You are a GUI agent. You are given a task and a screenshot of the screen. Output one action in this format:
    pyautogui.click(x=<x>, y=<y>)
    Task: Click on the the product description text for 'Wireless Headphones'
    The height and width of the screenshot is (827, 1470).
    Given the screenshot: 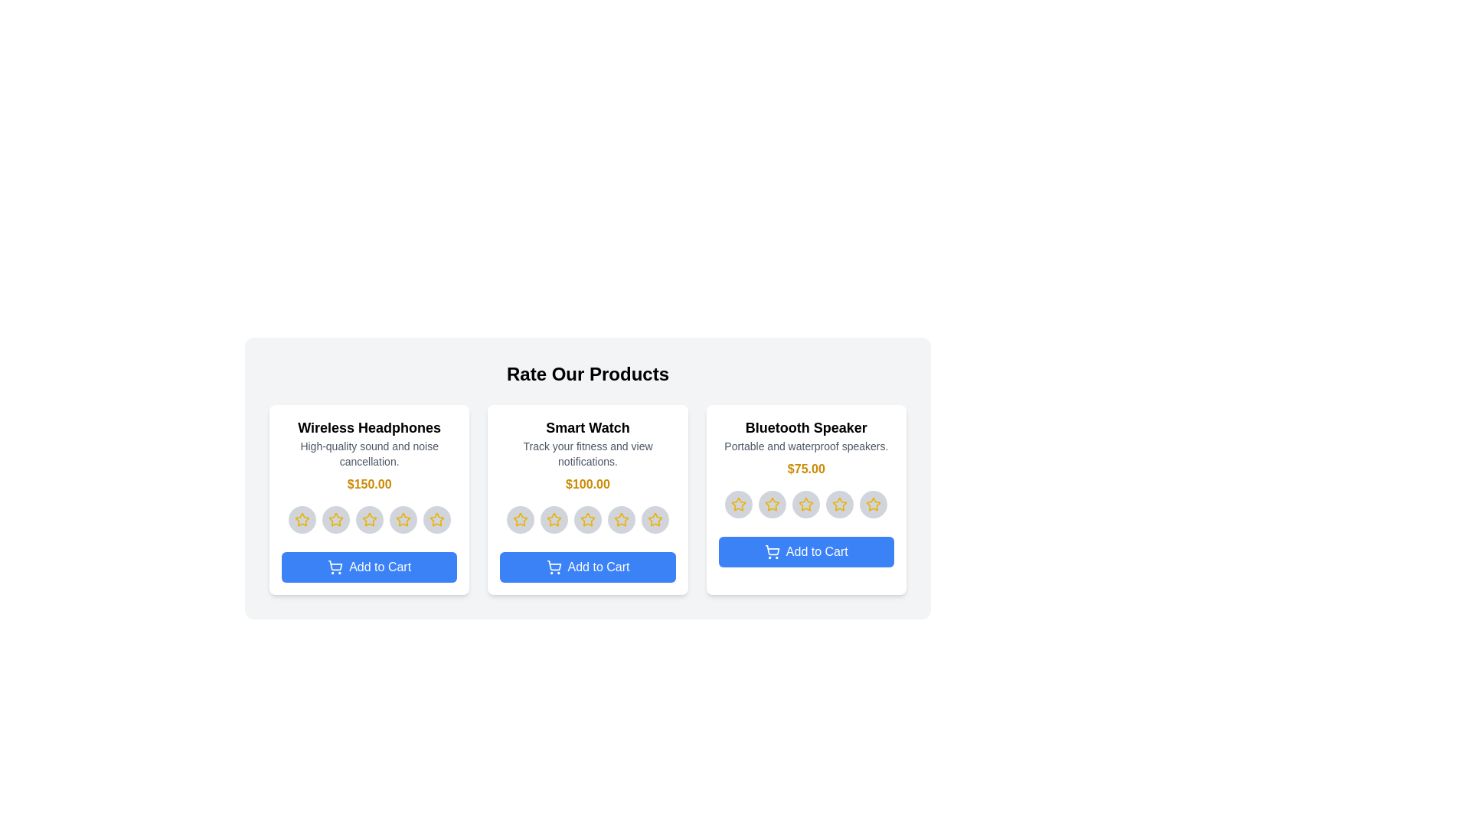 What is the action you would take?
    pyautogui.click(x=369, y=454)
    